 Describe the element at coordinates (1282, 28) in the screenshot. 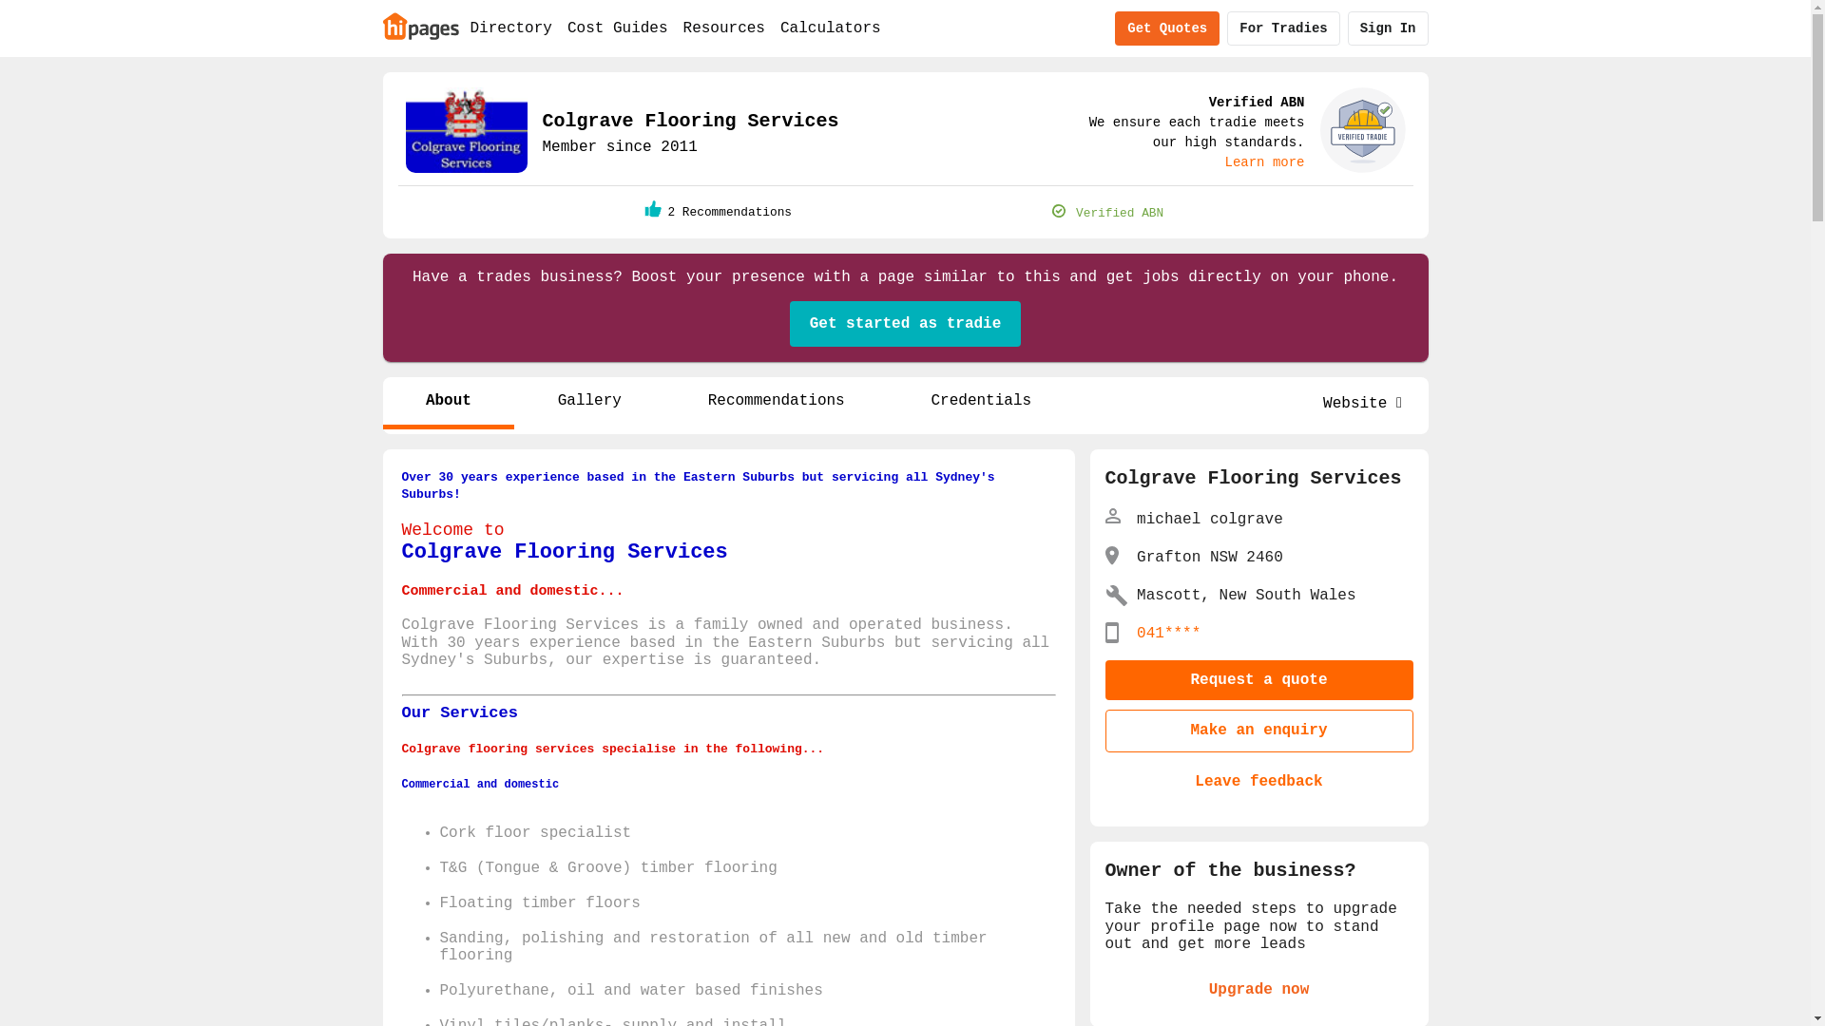

I see `'For Tradies'` at that location.